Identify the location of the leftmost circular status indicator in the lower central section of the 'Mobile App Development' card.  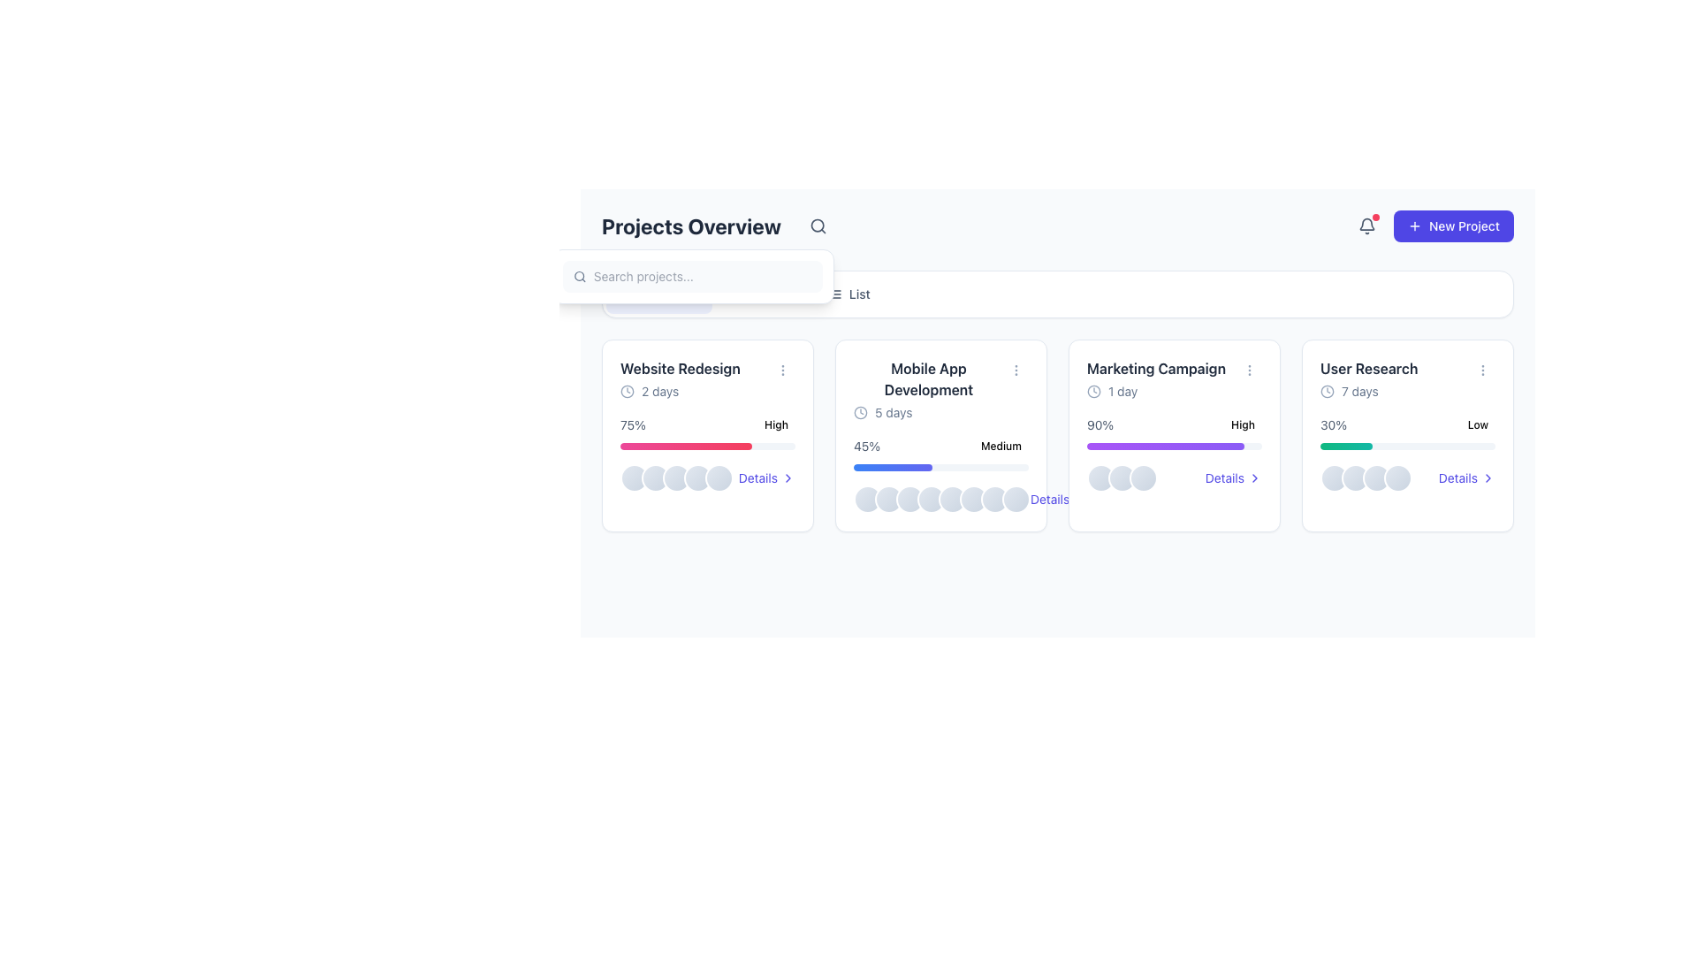
(868, 499).